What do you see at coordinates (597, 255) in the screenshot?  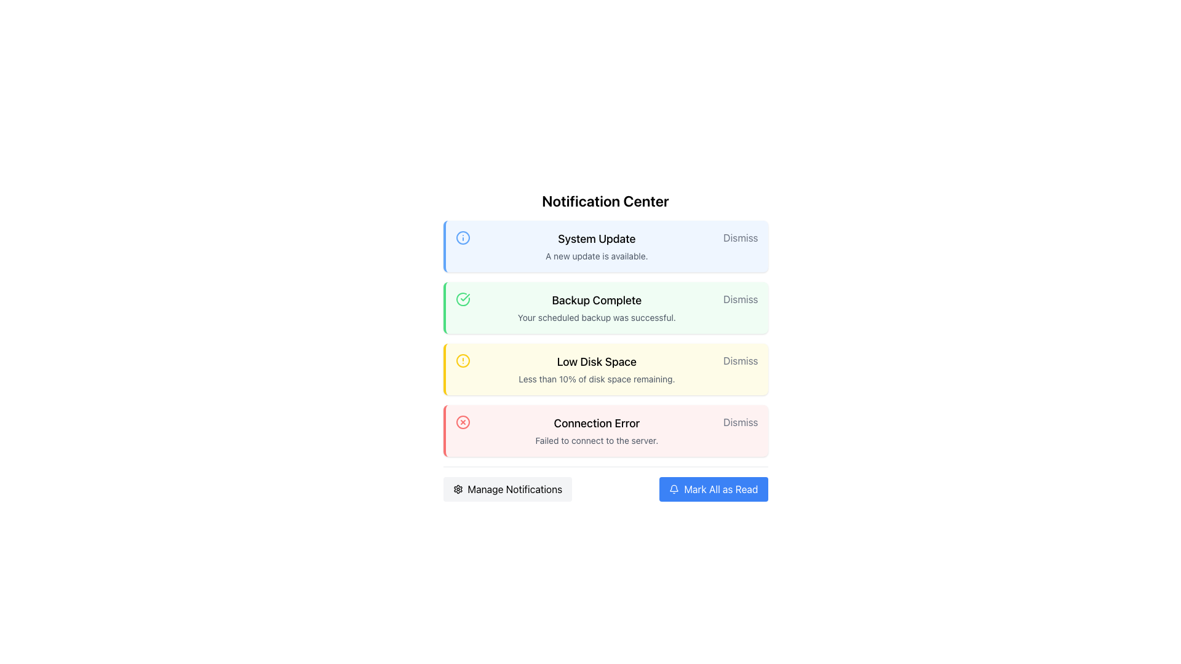 I see `the static text label stating 'A new update is available.' which is located below the 'System Update' heading in the blue notification card` at bounding box center [597, 255].